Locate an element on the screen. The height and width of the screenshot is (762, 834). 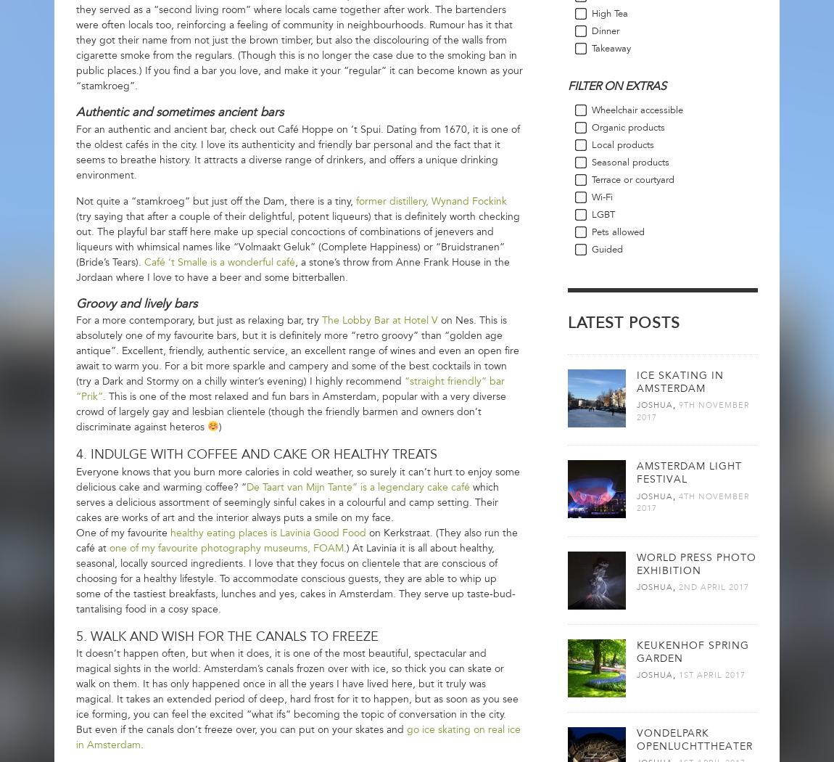
'Everyone knows that you burn more calories in cold weather, so surely it can’t hurt to enjoy some delicious cake and warming coffee? “' is located at coordinates (75, 478).